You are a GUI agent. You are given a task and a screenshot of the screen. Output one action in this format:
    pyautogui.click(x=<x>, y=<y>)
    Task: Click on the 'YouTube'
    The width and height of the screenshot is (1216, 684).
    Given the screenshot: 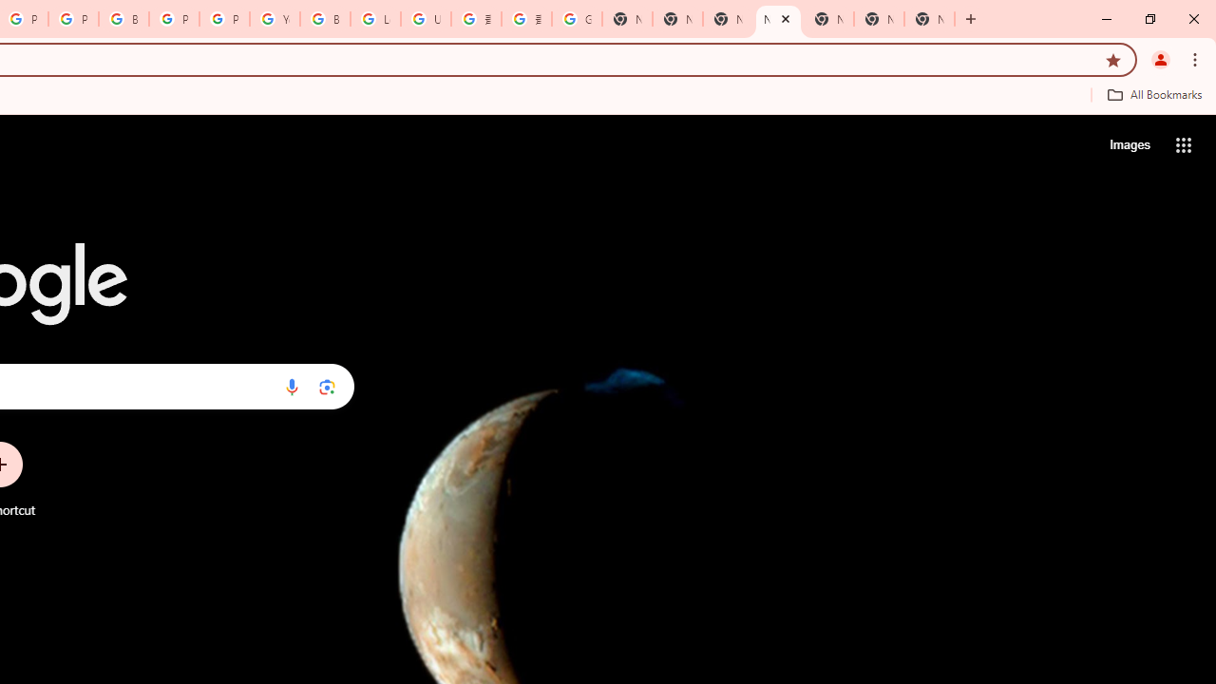 What is the action you would take?
    pyautogui.click(x=274, y=19)
    